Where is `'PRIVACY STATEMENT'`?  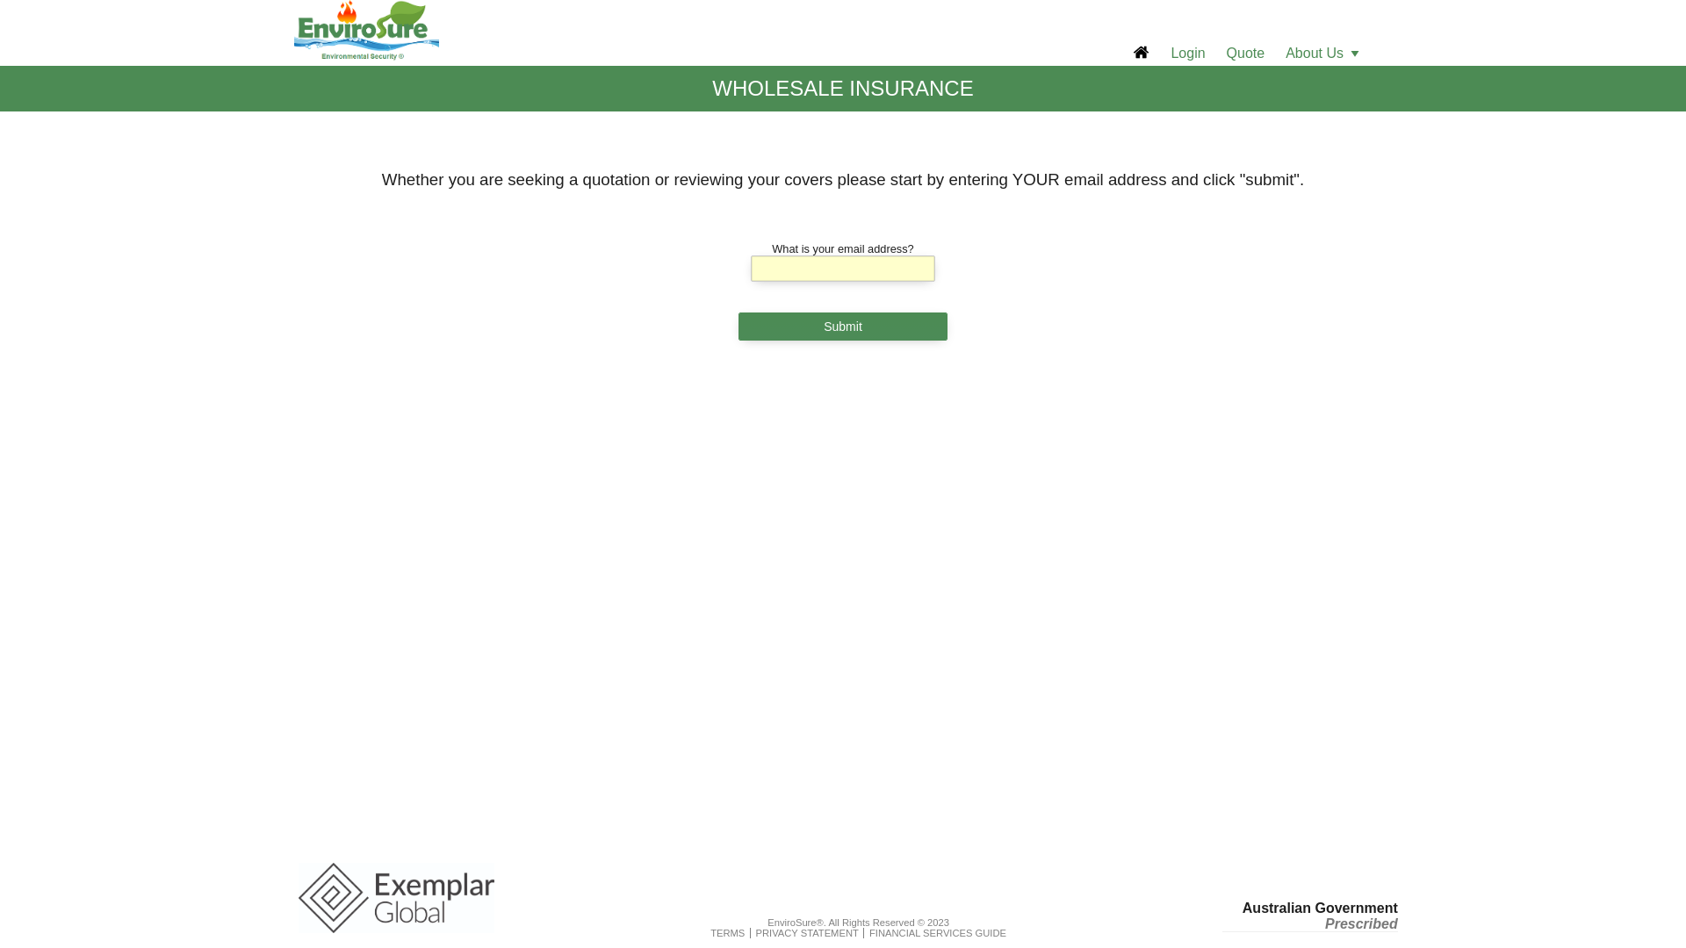 'PRIVACY STATEMENT' is located at coordinates (755, 932).